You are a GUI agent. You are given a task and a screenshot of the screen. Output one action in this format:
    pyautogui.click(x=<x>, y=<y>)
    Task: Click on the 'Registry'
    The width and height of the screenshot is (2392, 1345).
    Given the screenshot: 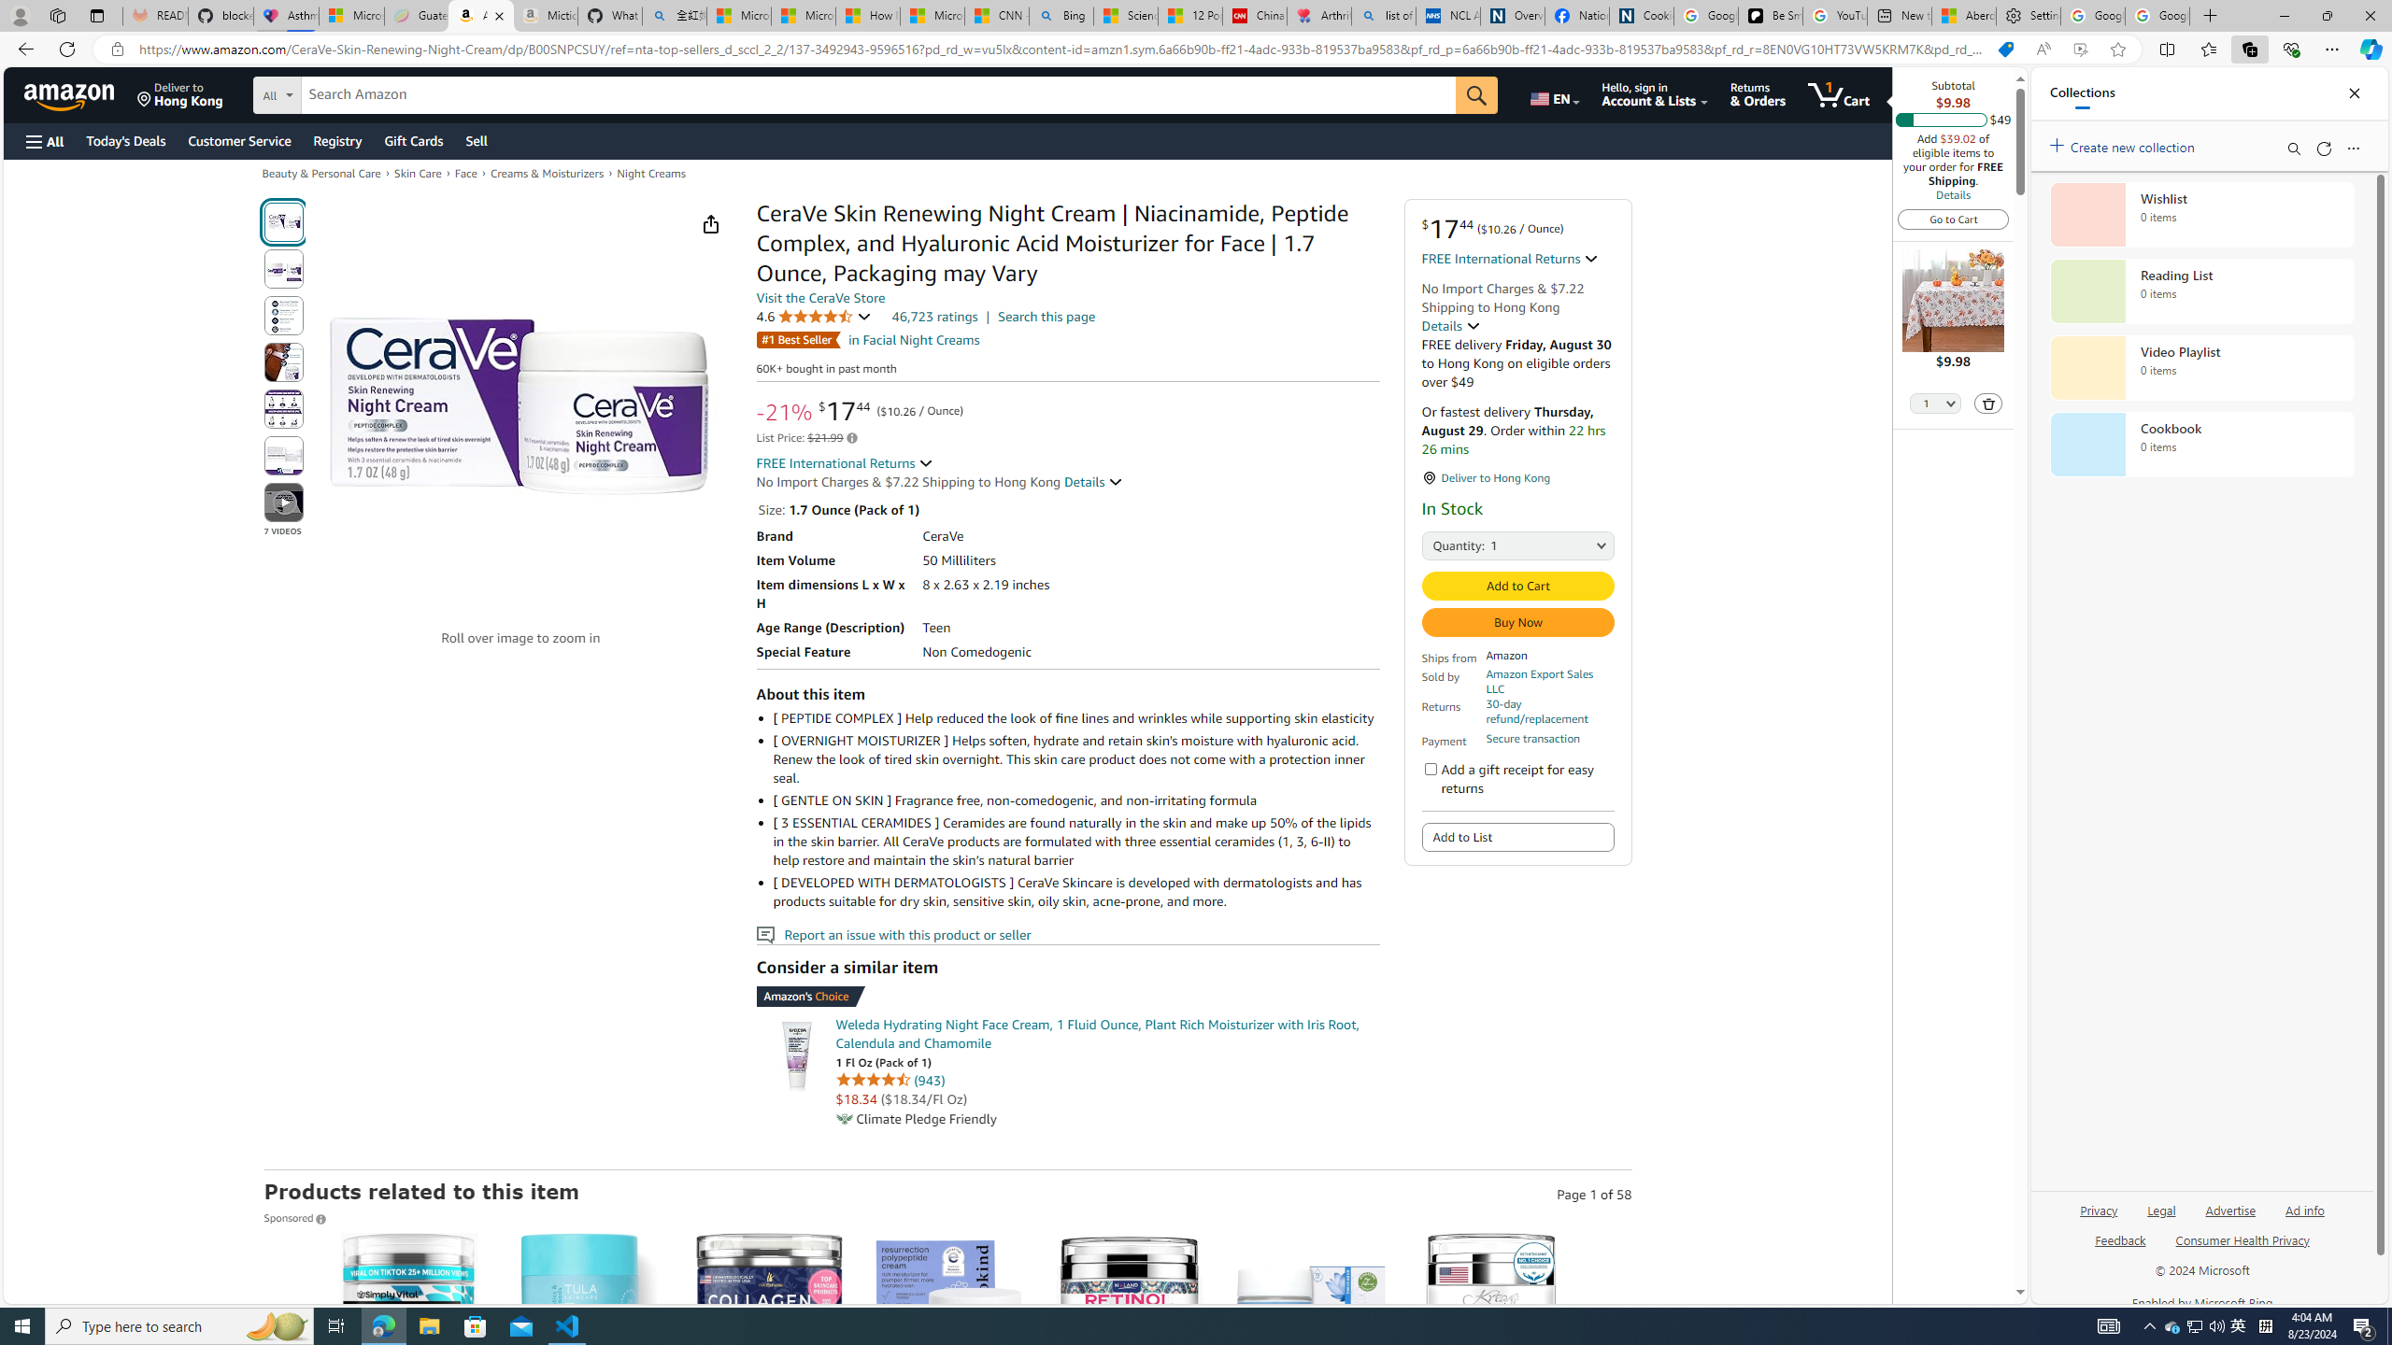 What is the action you would take?
    pyautogui.click(x=335, y=140)
    